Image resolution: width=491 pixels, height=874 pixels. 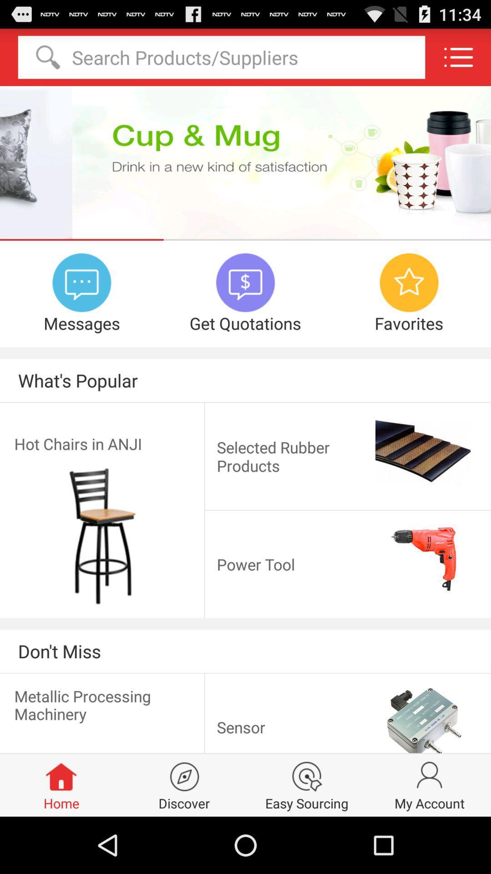 What do you see at coordinates (458, 61) in the screenshot?
I see `the list icon` at bounding box center [458, 61].